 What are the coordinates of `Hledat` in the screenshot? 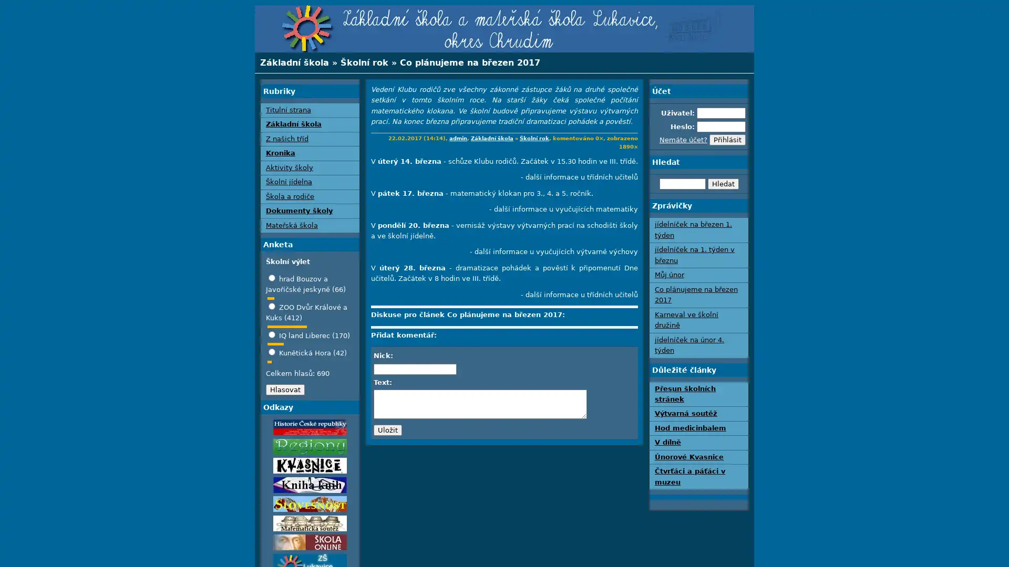 It's located at (722, 183).